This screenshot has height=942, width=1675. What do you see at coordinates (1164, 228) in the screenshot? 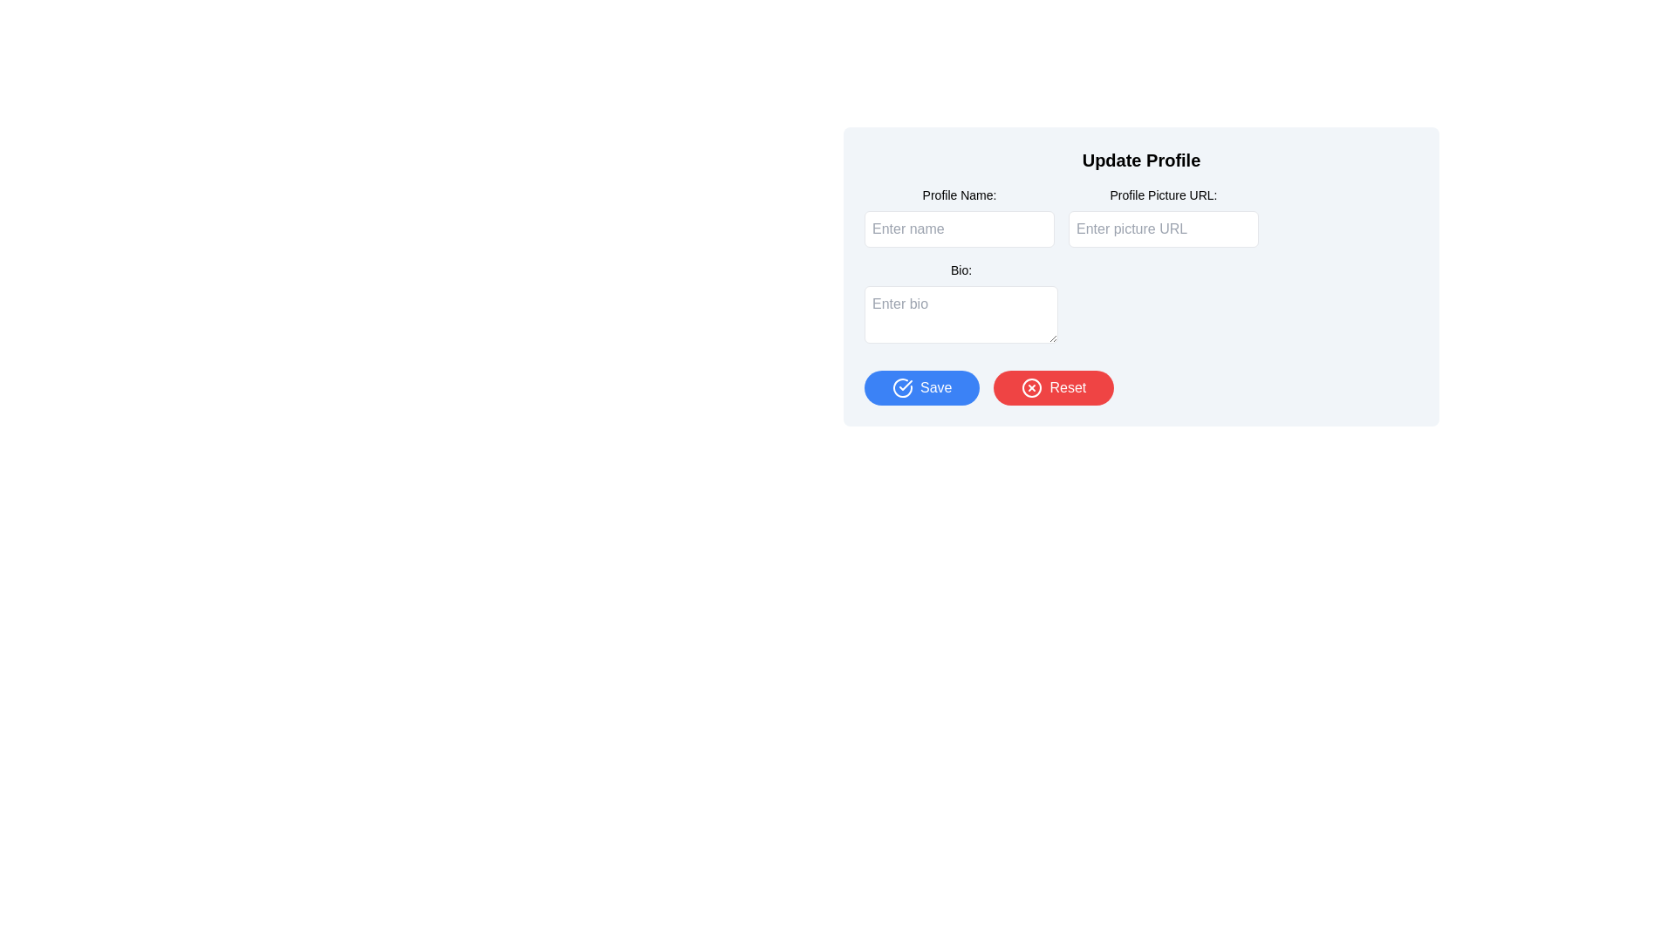
I see `the text input field for entering the picture URL, which is styled with a border and rounded corners and contains placeholder text 'Enter picture URL'` at bounding box center [1164, 228].